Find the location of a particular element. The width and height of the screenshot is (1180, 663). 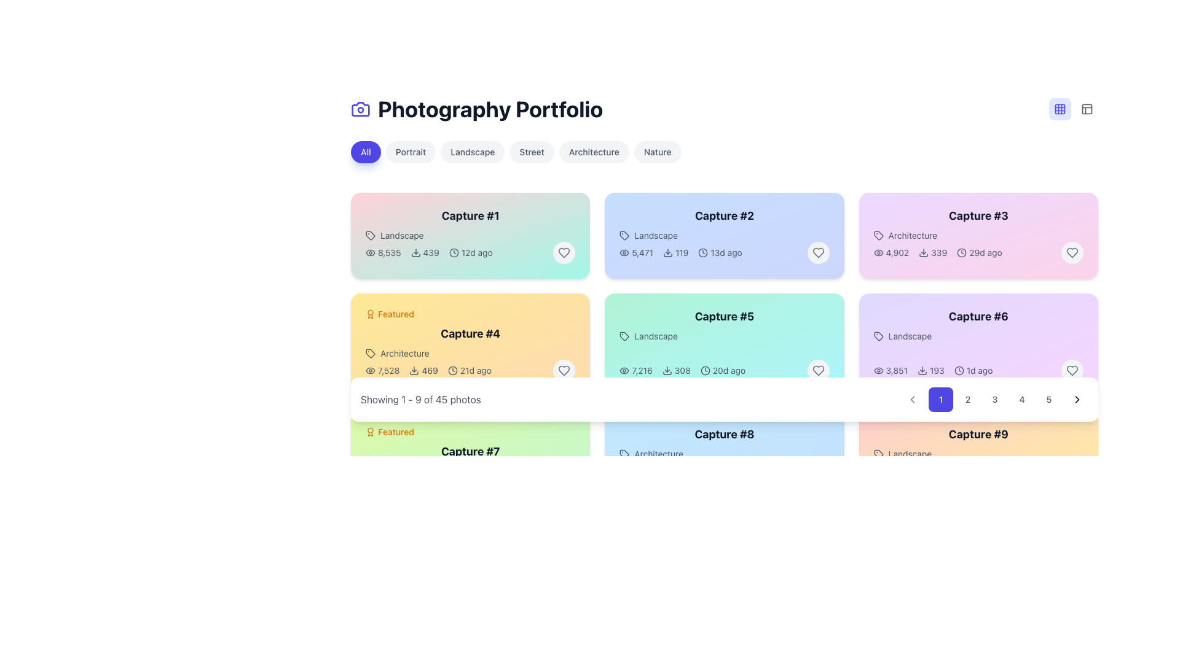

the text block containing the title 'Capture #3' and the sub-caption 'Architecture' located in the top-right corner of the grid layout in the 'Photography Portfolio' interface to trigger visual effects is located at coordinates (978, 225).